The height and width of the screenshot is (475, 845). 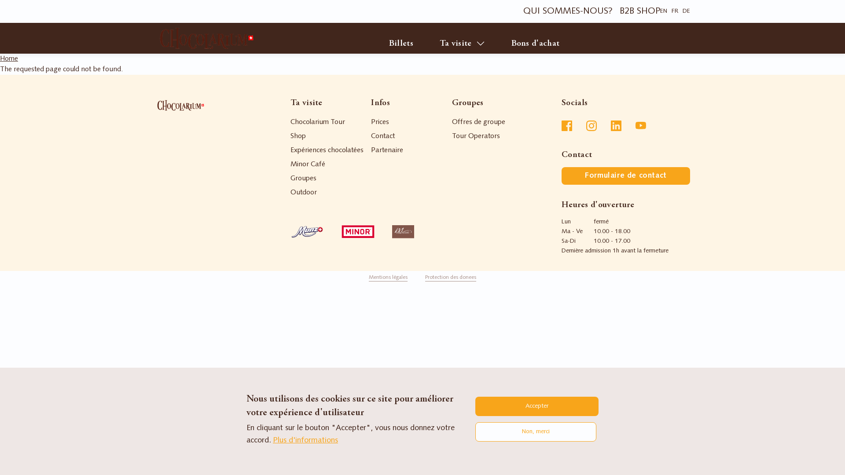 What do you see at coordinates (478, 122) in the screenshot?
I see `'Offres de groupe'` at bounding box center [478, 122].